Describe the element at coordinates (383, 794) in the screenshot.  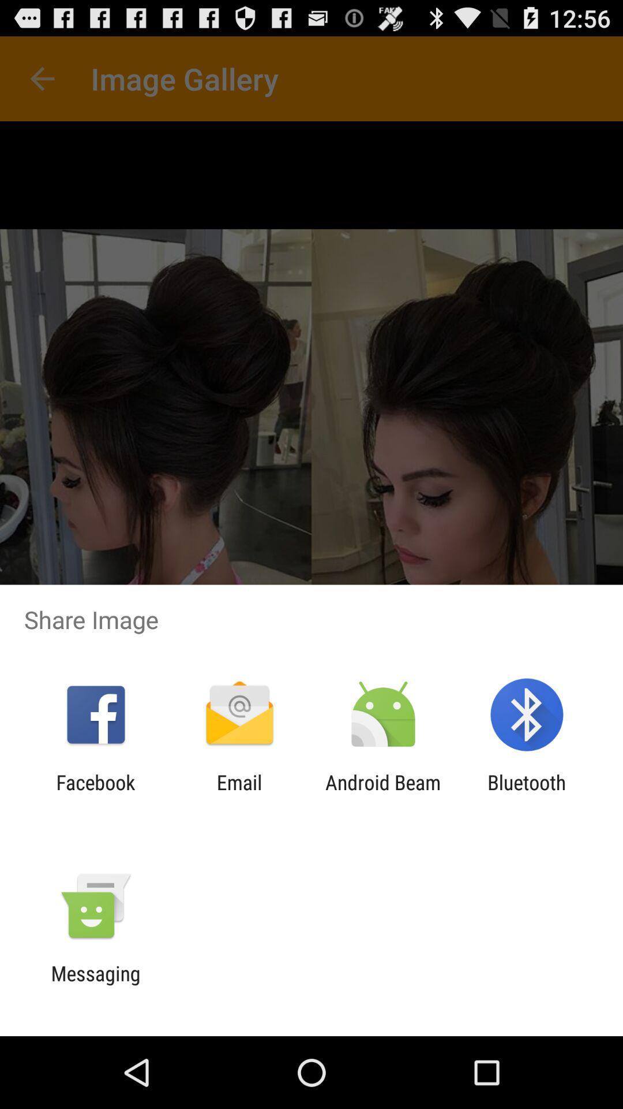
I see `the icon to the left of the bluetooth` at that location.